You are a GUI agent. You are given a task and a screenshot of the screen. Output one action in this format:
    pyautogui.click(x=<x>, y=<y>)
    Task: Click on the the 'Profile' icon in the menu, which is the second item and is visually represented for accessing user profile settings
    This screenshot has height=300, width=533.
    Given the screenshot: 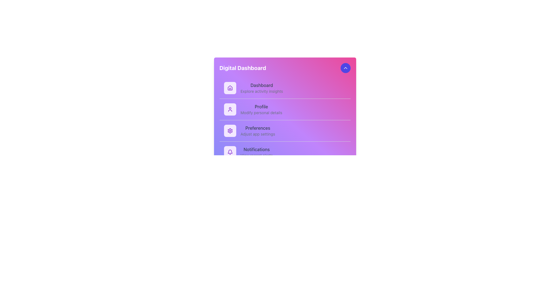 What is the action you would take?
    pyautogui.click(x=230, y=109)
    